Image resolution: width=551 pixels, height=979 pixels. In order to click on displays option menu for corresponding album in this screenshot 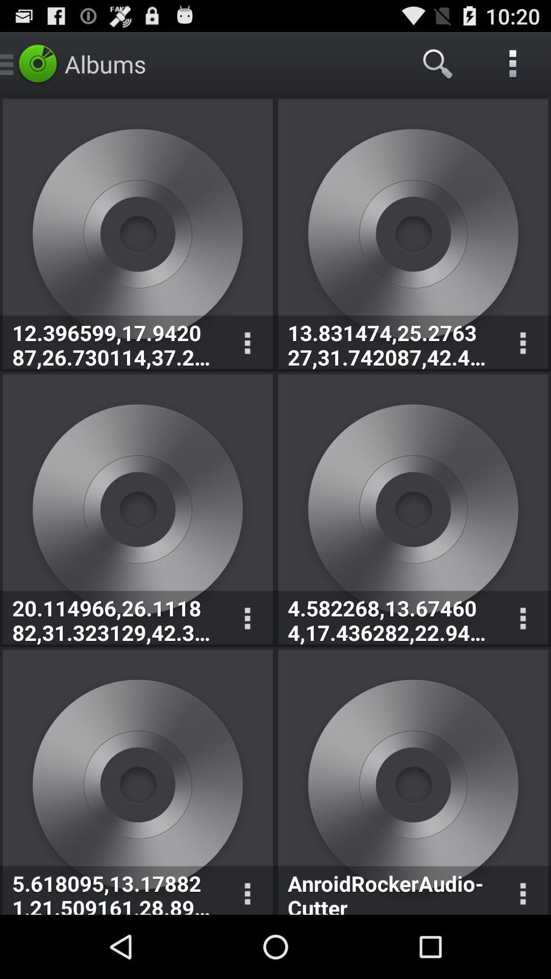, I will do `click(522, 343)`.